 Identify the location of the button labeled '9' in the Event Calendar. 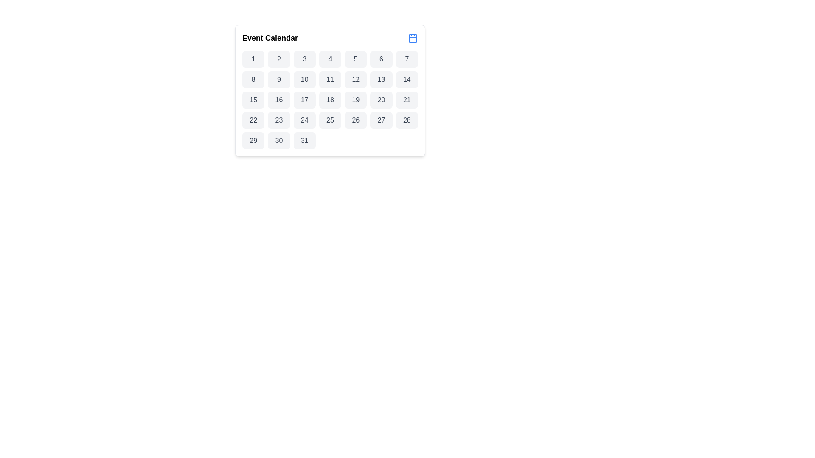
(279, 80).